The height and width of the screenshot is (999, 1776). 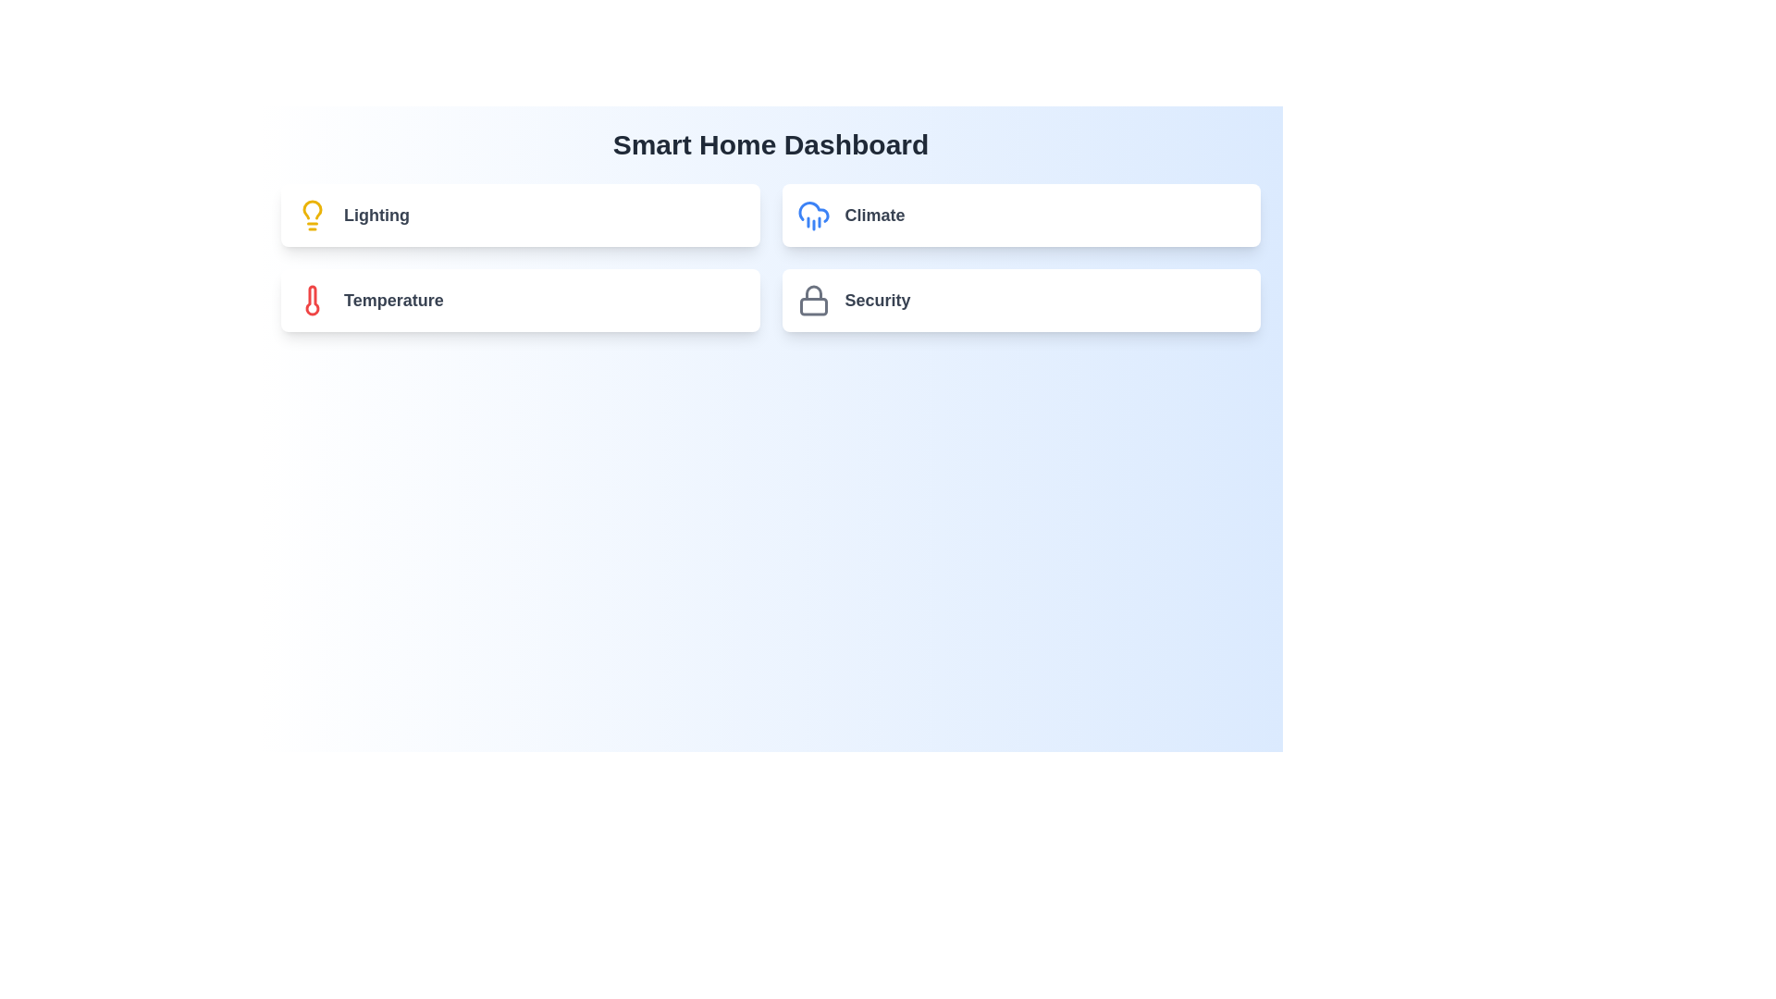 What do you see at coordinates (376, 214) in the screenshot?
I see `text label displaying 'Lighting', which is styled in a bold gray font and located within a white card with rounded corners, positioned in the upper left quadrant of the interface` at bounding box center [376, 214].